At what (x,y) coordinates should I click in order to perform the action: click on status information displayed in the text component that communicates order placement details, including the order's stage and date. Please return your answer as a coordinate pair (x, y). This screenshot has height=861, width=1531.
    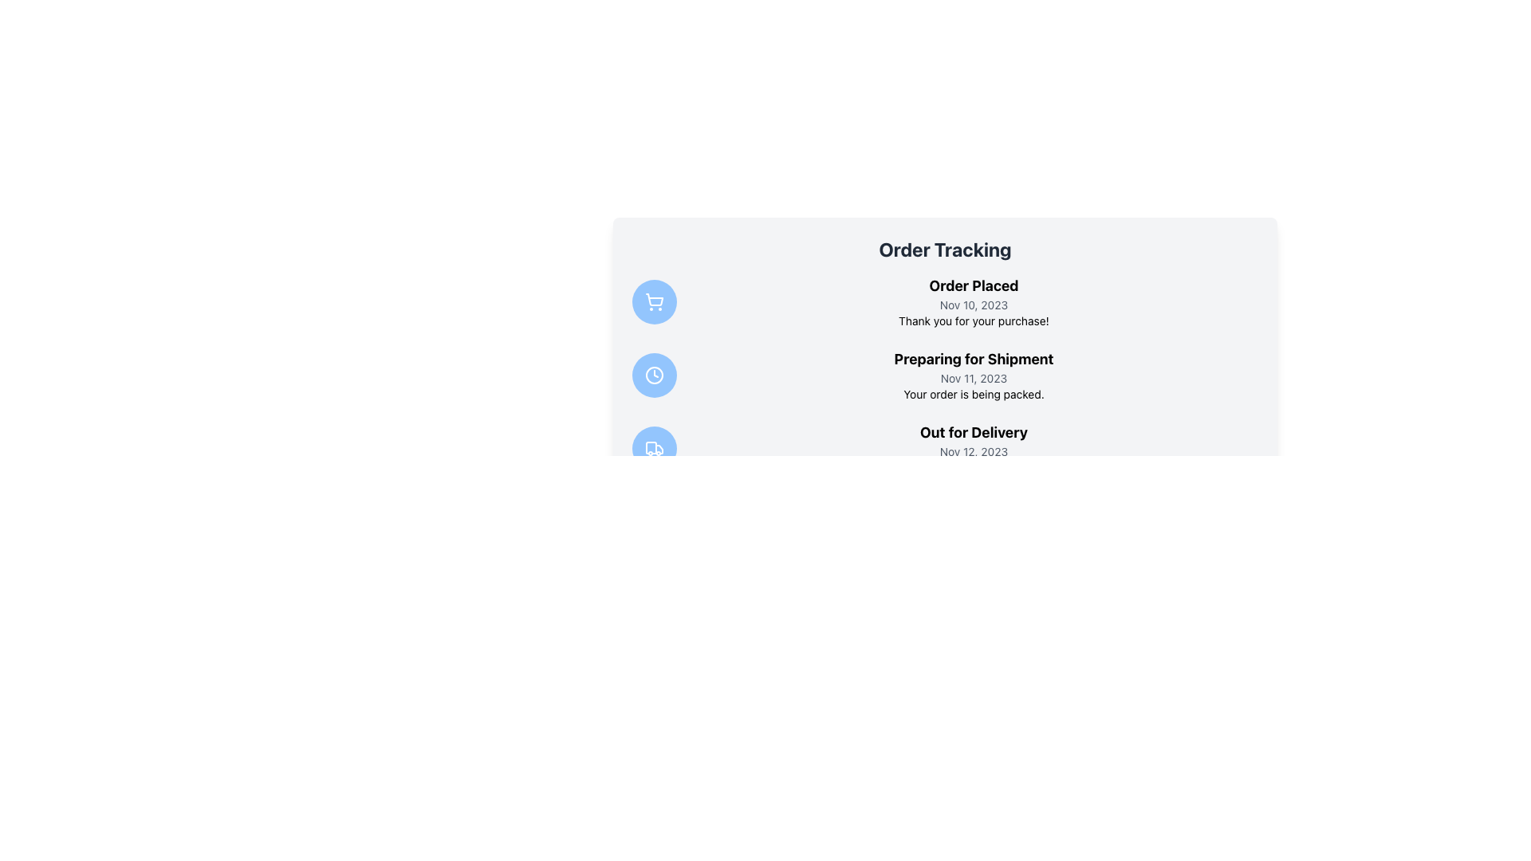
    Looking at the image, I should click on (973, 301).